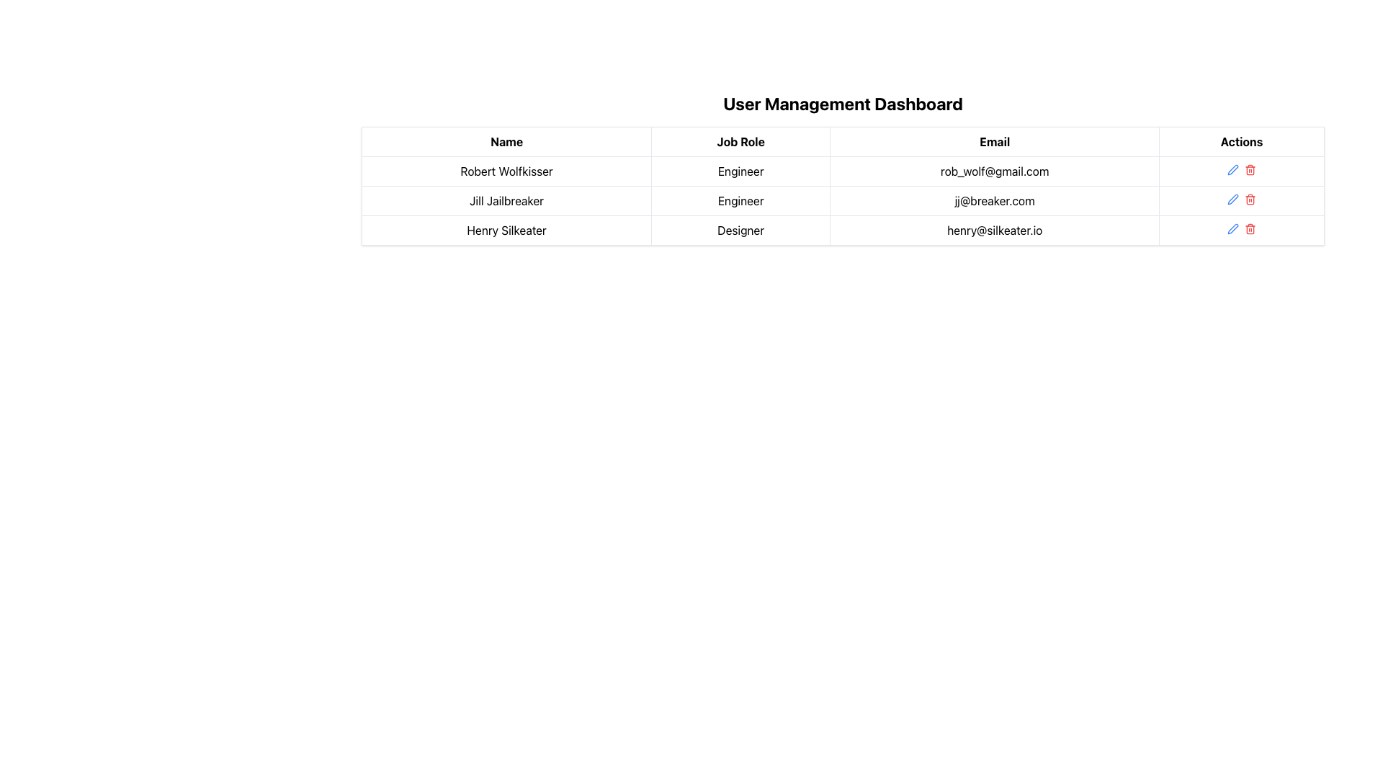 The image size is (1383, 778). What do you see at coordinates (1232, 200) in the screenshot?
I see `the edit icon (pen icon) for the second user row (Jill Jailbreaker) in the 'Actions' column to modify the row's information` at bounding box center [1232, 200].